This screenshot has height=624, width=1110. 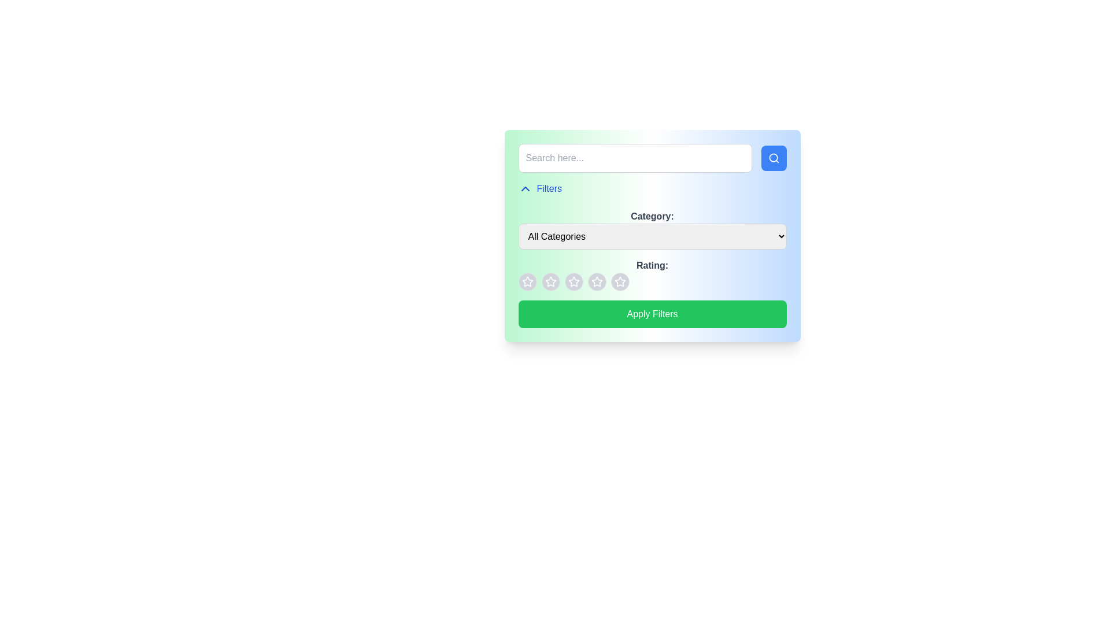 I want to click on the first star in the rating system, which is positioned below the 'All Categories' dropdown and horizontally aligned with the 'Rating' label in the filter panel, so click(x=527, y=282).